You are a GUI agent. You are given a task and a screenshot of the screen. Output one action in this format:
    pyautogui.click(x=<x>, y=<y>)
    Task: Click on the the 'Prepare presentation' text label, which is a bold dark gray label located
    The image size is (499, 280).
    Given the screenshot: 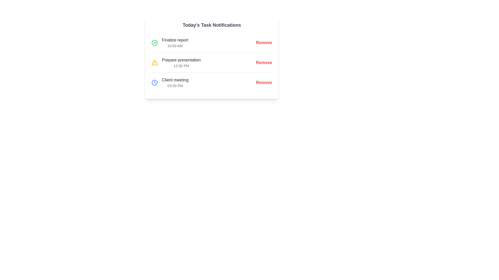 What is the action you would take?
    pyautogui.click(x=181, y=60)
    